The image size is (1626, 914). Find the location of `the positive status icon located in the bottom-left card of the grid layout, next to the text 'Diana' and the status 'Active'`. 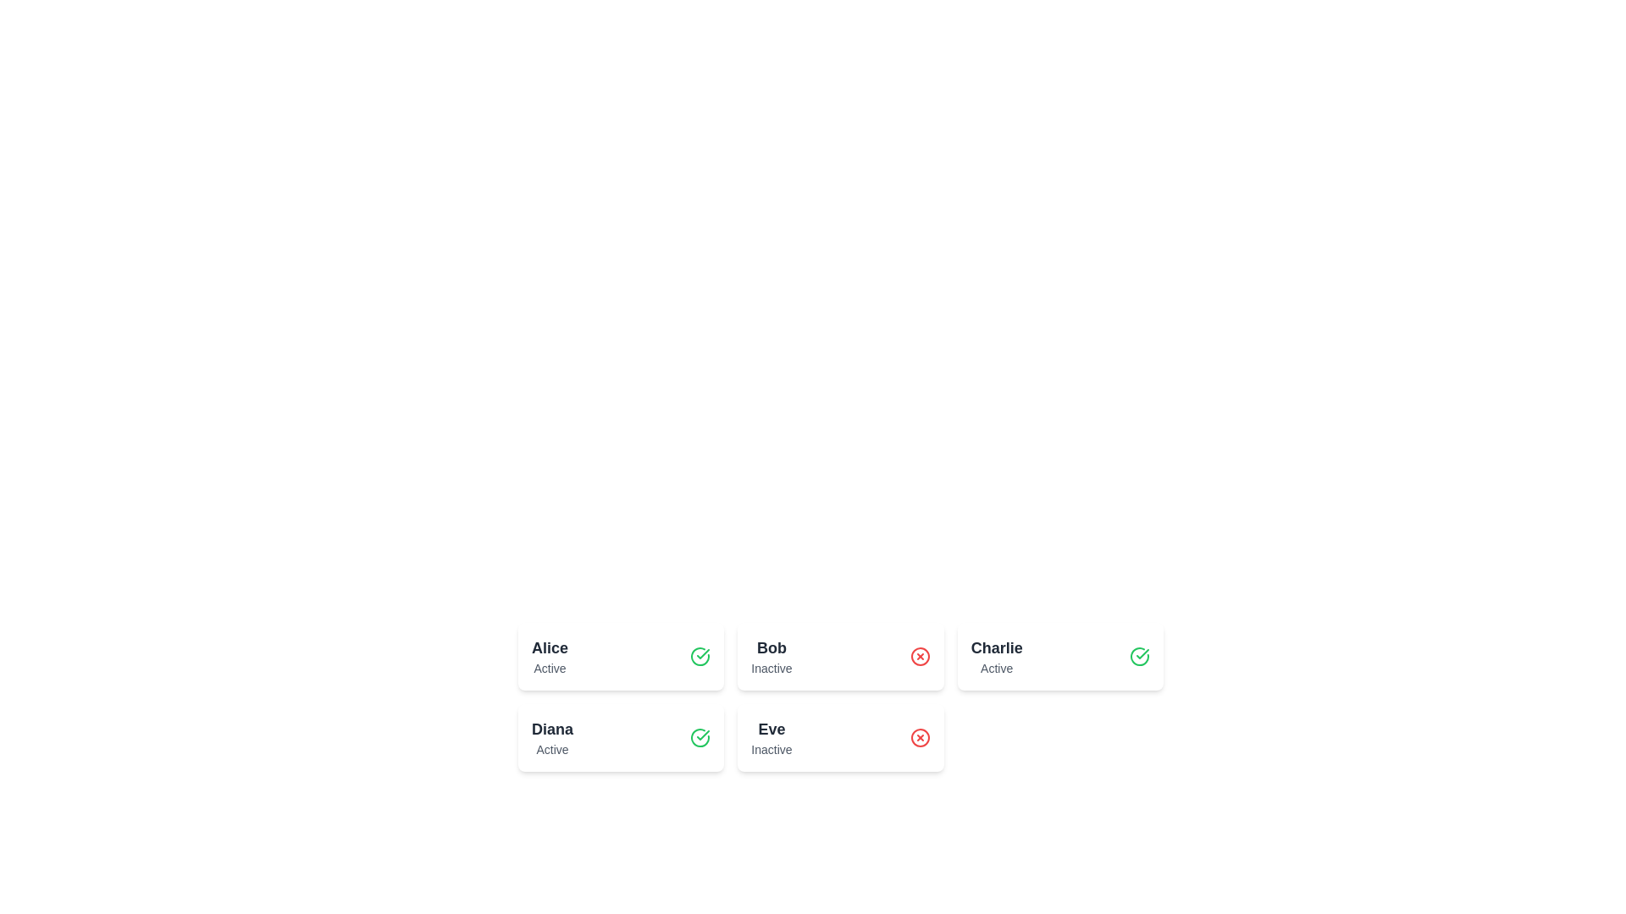

the positive status icon located in the bottom-left card of the grid layout, next to the text 'Diana' and the status 'Active' is located at coordinates (703, 652).